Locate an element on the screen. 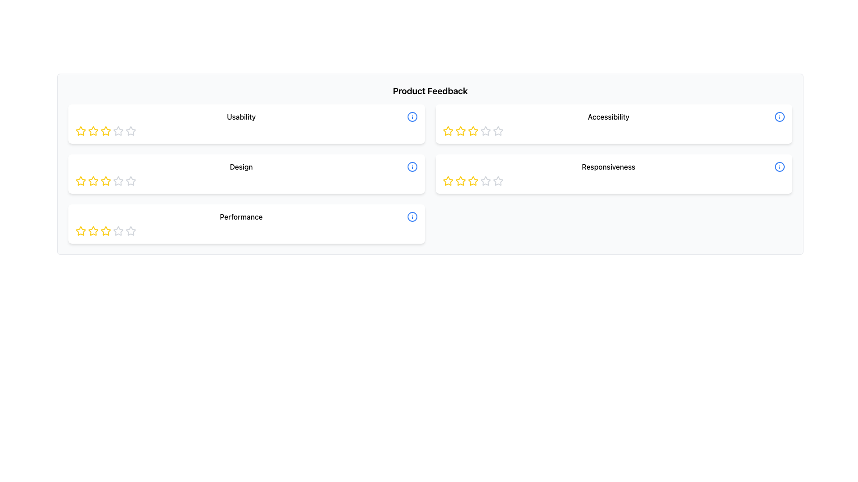 This screenshot has width=858, height=482. the third star icon used for rating 'Responsiveness' in the feedback panel is located at coordinates (461, 181).